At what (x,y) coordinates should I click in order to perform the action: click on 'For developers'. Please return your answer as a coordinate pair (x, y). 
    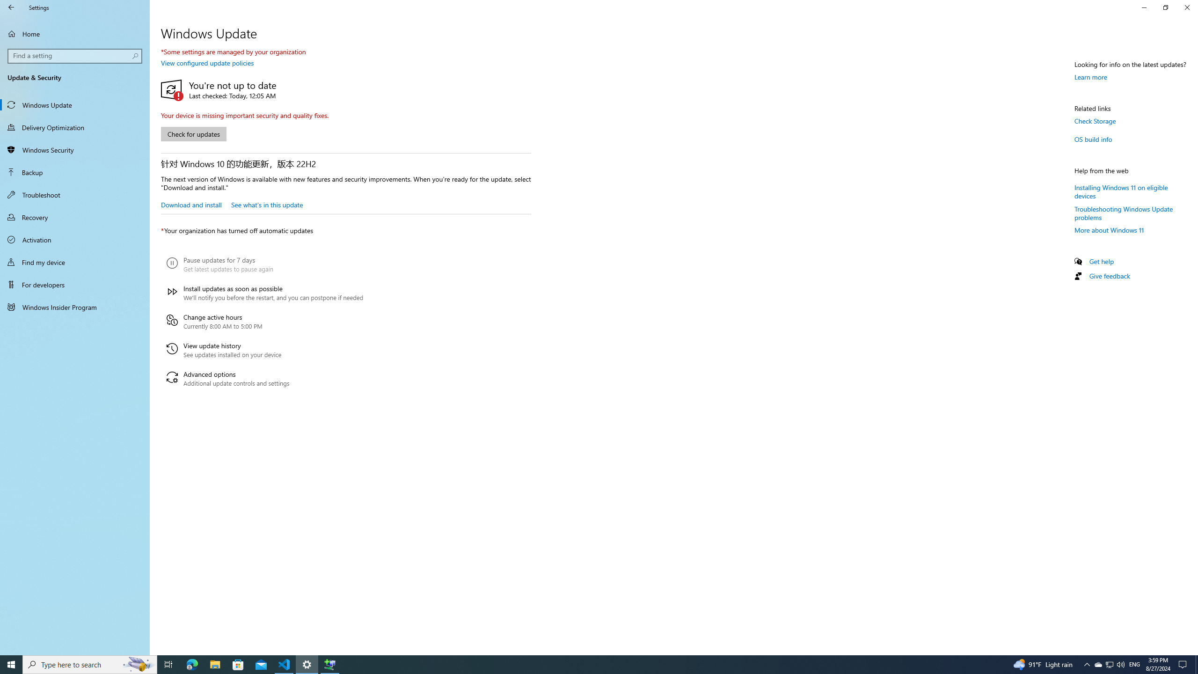
    Looking at the image, I should click on (74, 285).